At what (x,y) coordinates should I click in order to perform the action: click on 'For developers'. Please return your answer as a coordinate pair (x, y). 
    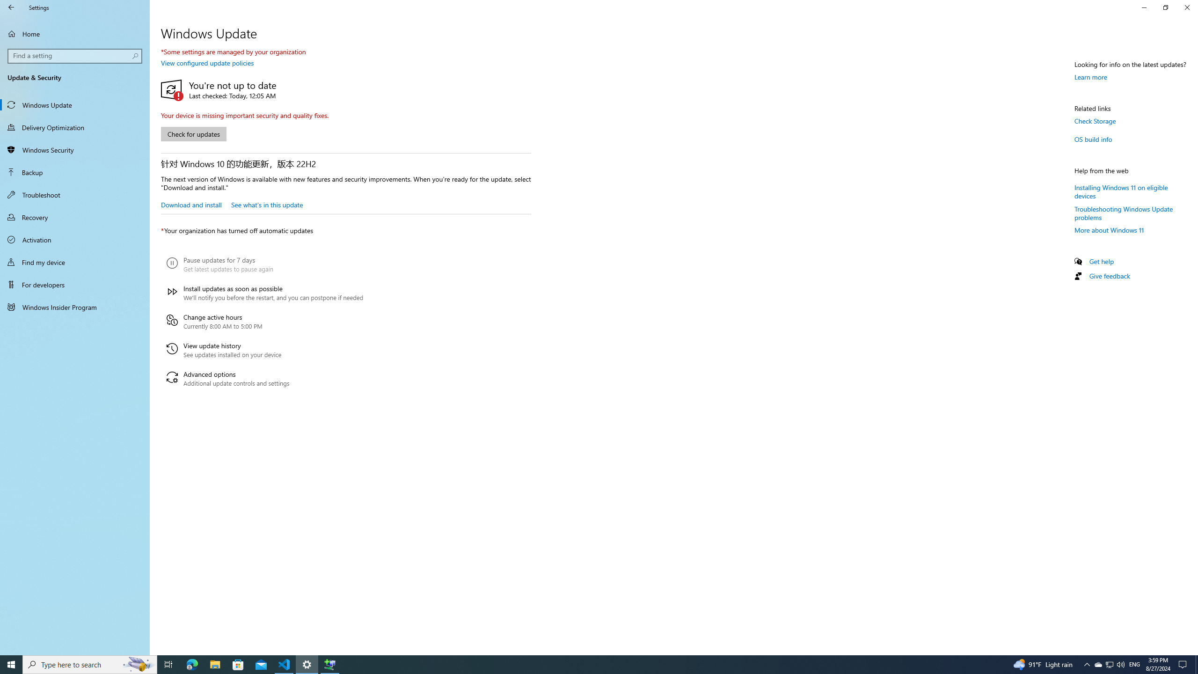
    Looking at the image, I should click on (74, 285).